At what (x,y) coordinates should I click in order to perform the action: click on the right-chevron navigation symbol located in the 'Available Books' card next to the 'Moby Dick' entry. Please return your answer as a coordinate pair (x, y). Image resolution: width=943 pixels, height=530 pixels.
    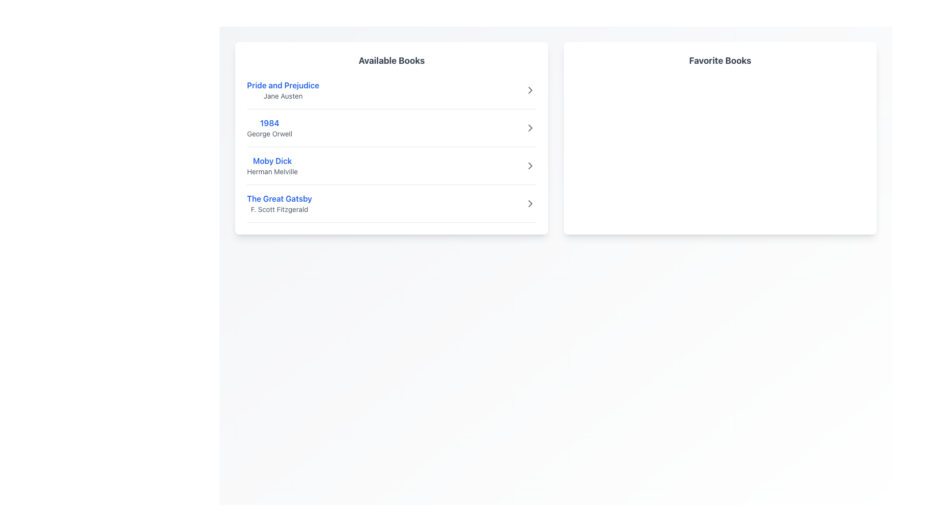
    Looking at the image, I should click on (530, 165).